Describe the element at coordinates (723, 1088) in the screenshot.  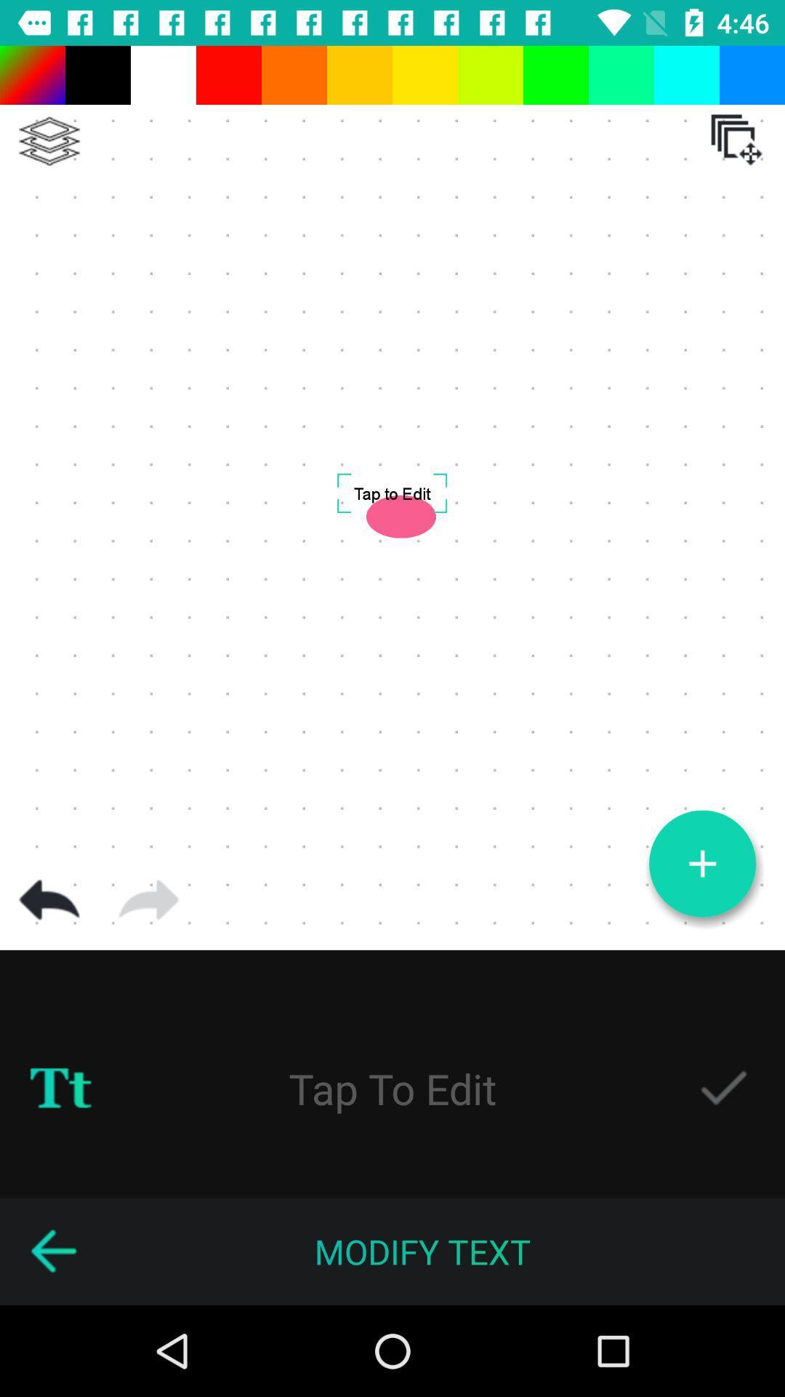
I see `design` at that location.